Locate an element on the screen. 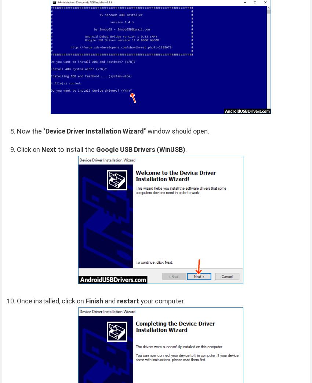  'and' is located at coordinates (110, 300).